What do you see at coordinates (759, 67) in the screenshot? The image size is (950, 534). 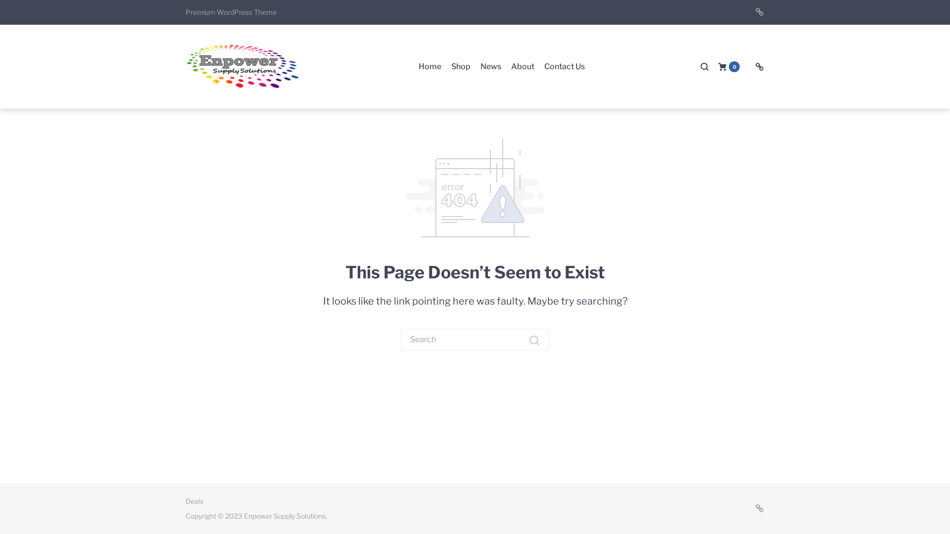 I see `'Deals'` at bounding box center [759, 67].